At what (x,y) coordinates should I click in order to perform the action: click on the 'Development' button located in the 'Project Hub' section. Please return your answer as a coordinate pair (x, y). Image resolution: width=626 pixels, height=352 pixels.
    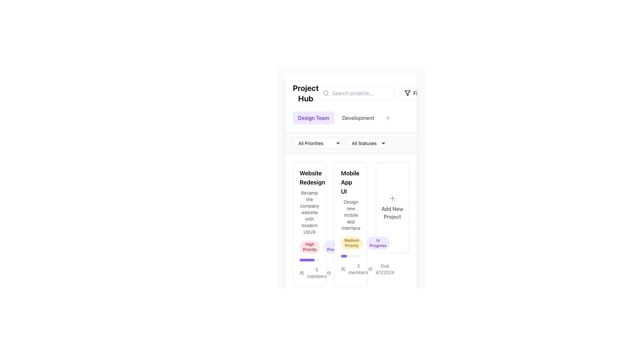
    Looking at the image, I should click on (358, 118).